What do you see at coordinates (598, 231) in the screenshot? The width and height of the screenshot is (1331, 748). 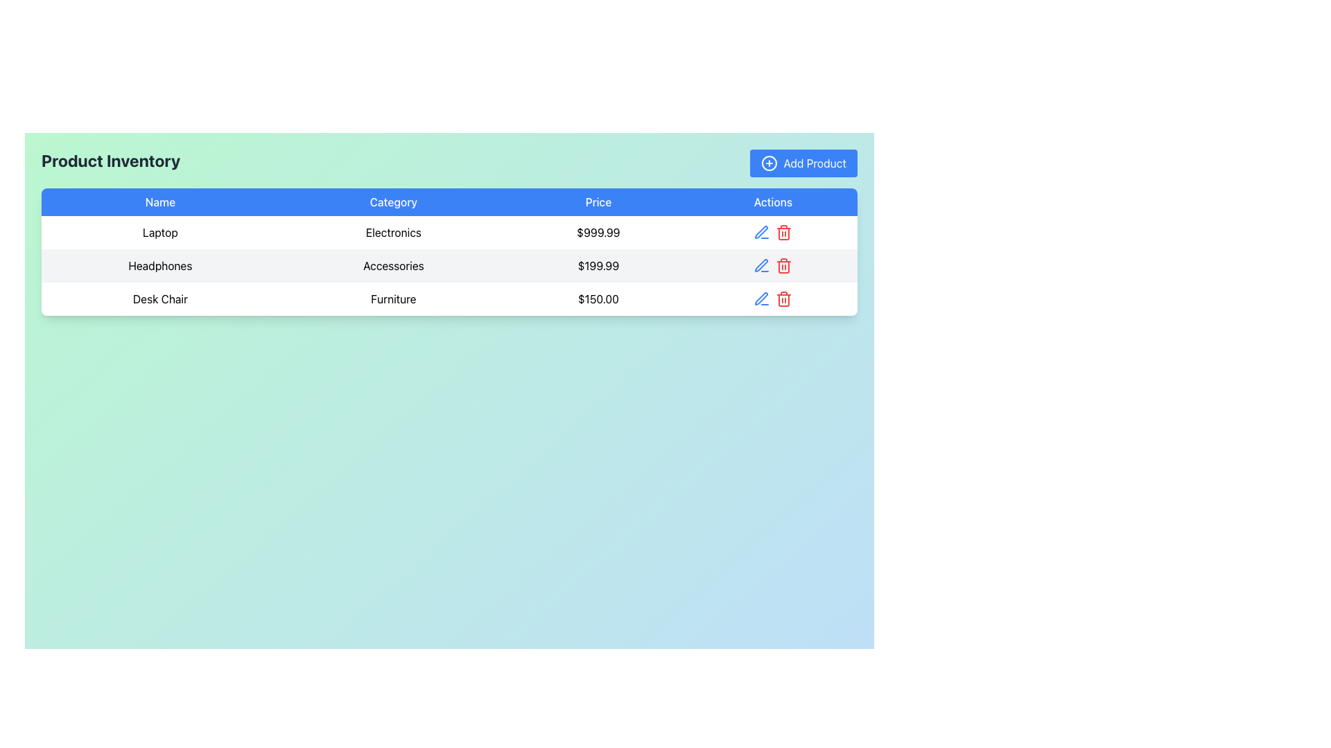 I see `price displayed for the product in the 'Laptop' category, which is located in the pricing column of the product table, specifically in the row labeled 'Laptop', 'Electronics', and is the third element from the left` at bounding box center [598, 231].